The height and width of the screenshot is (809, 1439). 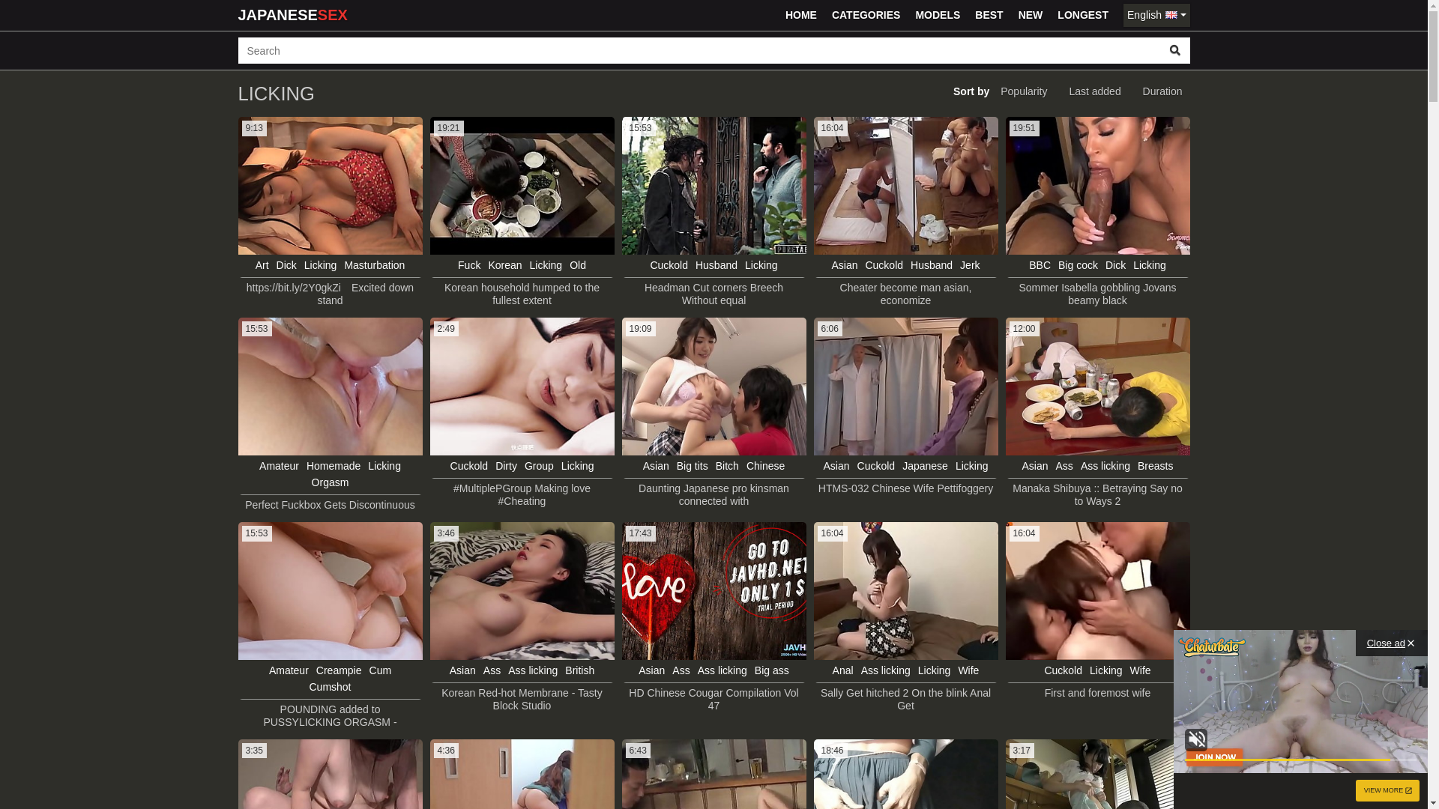 I want to click on 'Licking', so click(x=560, y=464).